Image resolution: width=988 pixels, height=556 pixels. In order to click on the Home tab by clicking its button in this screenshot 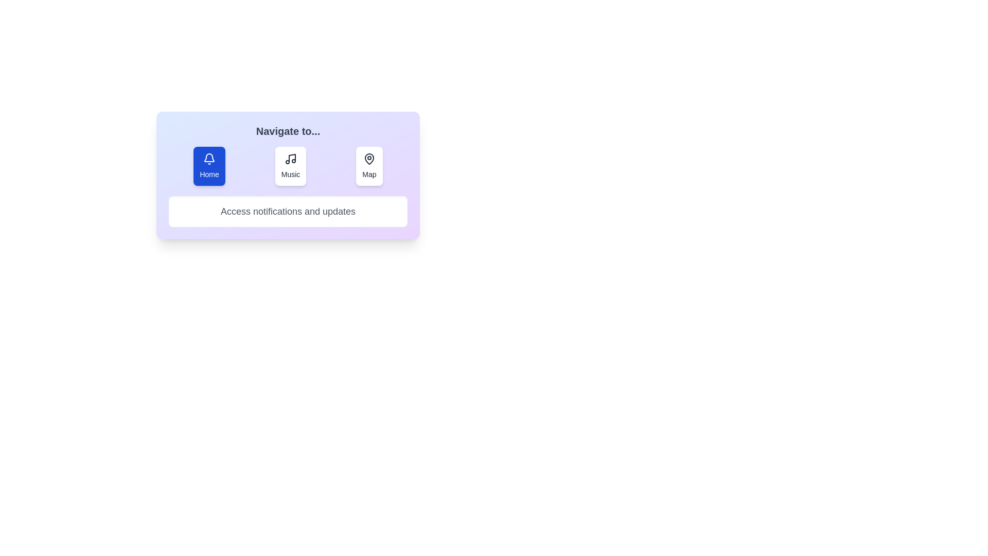, I will do `click(209, 166)`.